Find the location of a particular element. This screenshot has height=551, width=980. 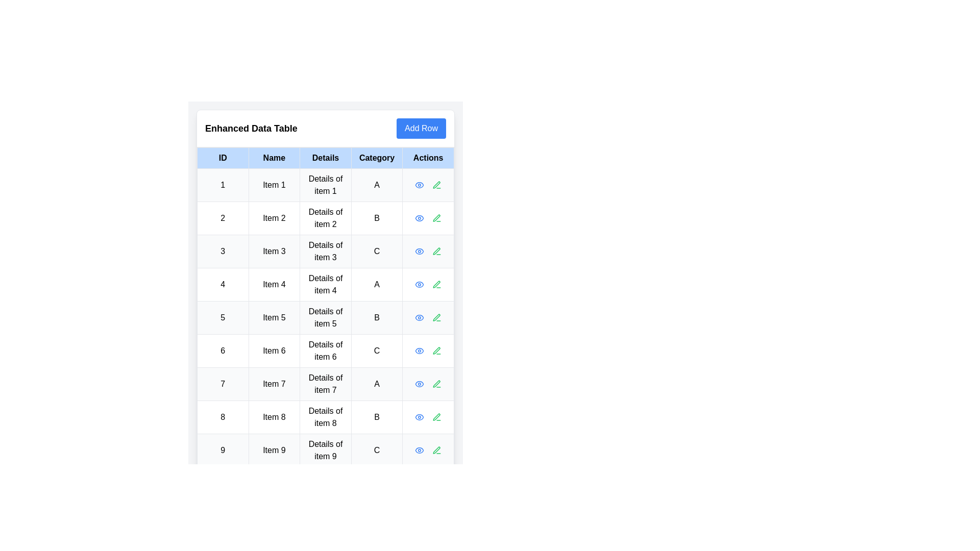

the static text element displaying the character 'C' in the fourth cell of the last row of the table in the 'Category' column is located at coordinates (376, 450).